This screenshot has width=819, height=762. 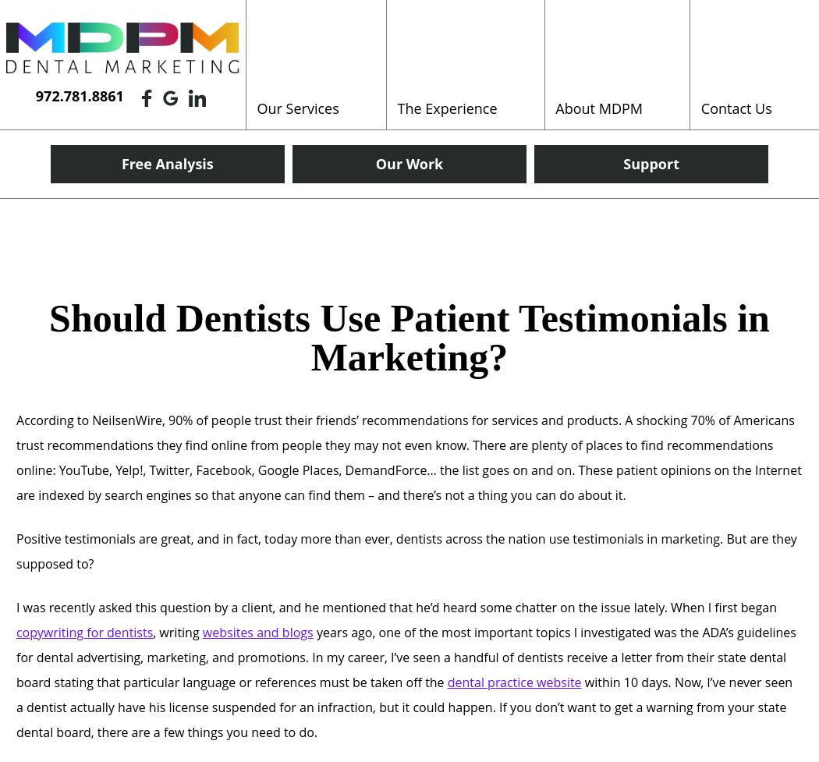 What do you see at coordinates (308, 215) in the screenshot?
I see `'Original Content'` at bounding box center [308, 215].